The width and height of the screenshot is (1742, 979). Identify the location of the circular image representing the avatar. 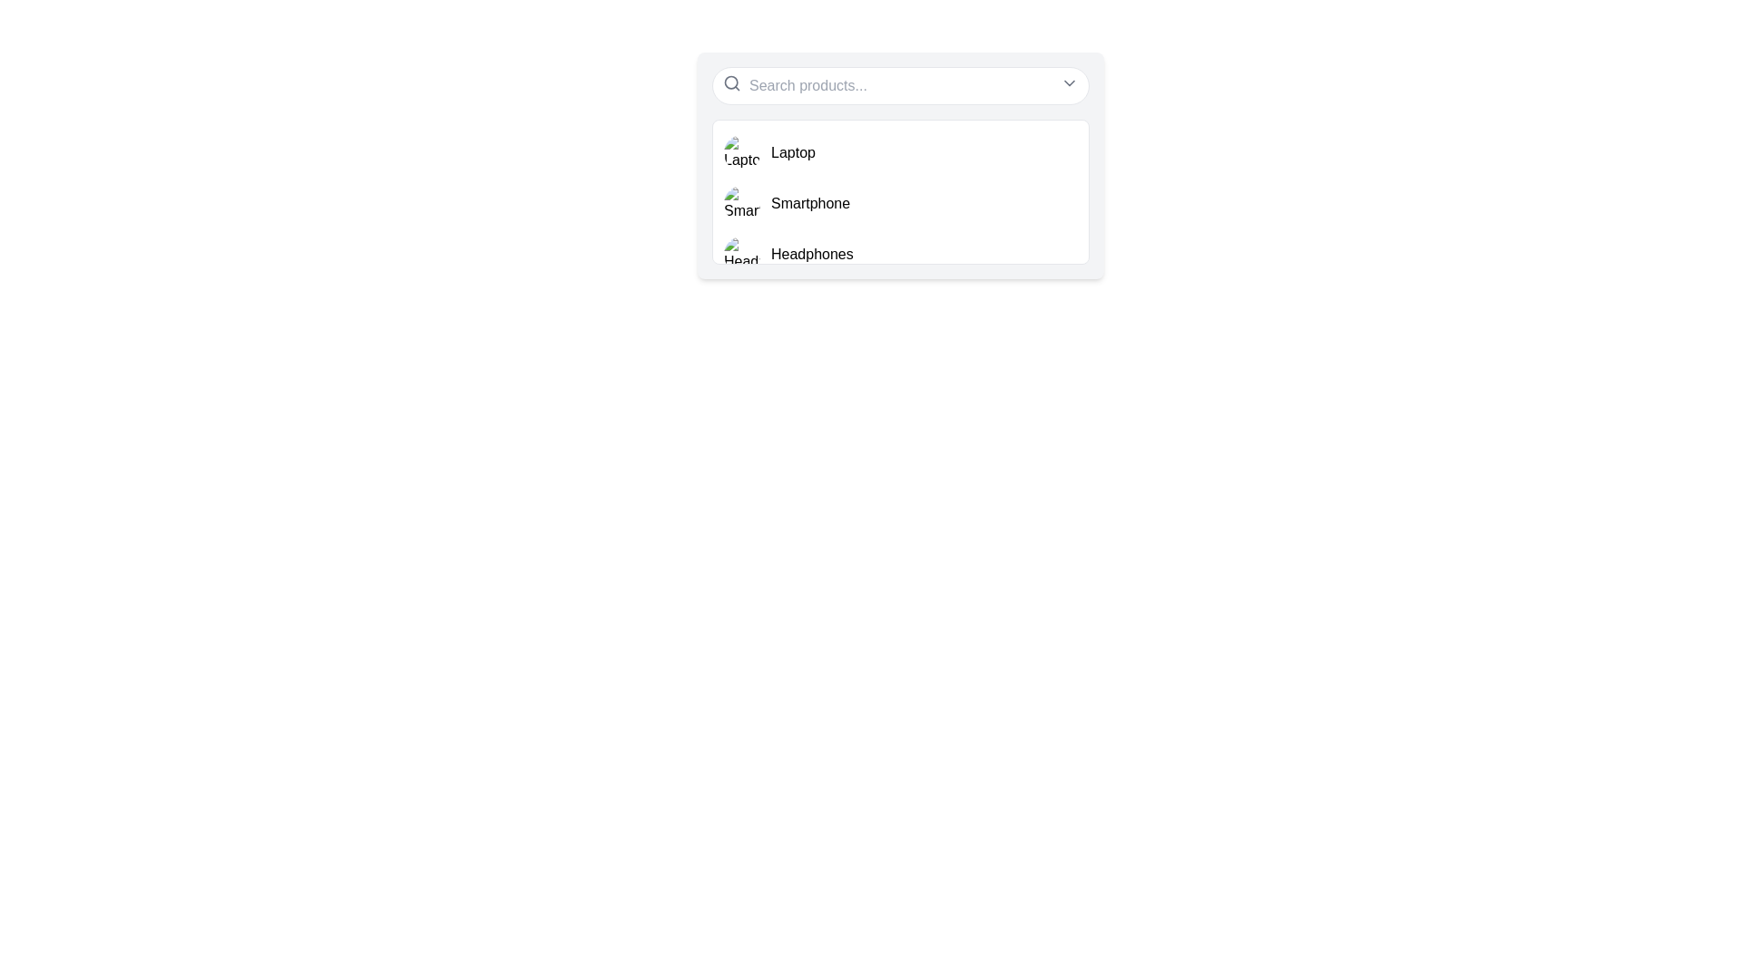
(741, 203).